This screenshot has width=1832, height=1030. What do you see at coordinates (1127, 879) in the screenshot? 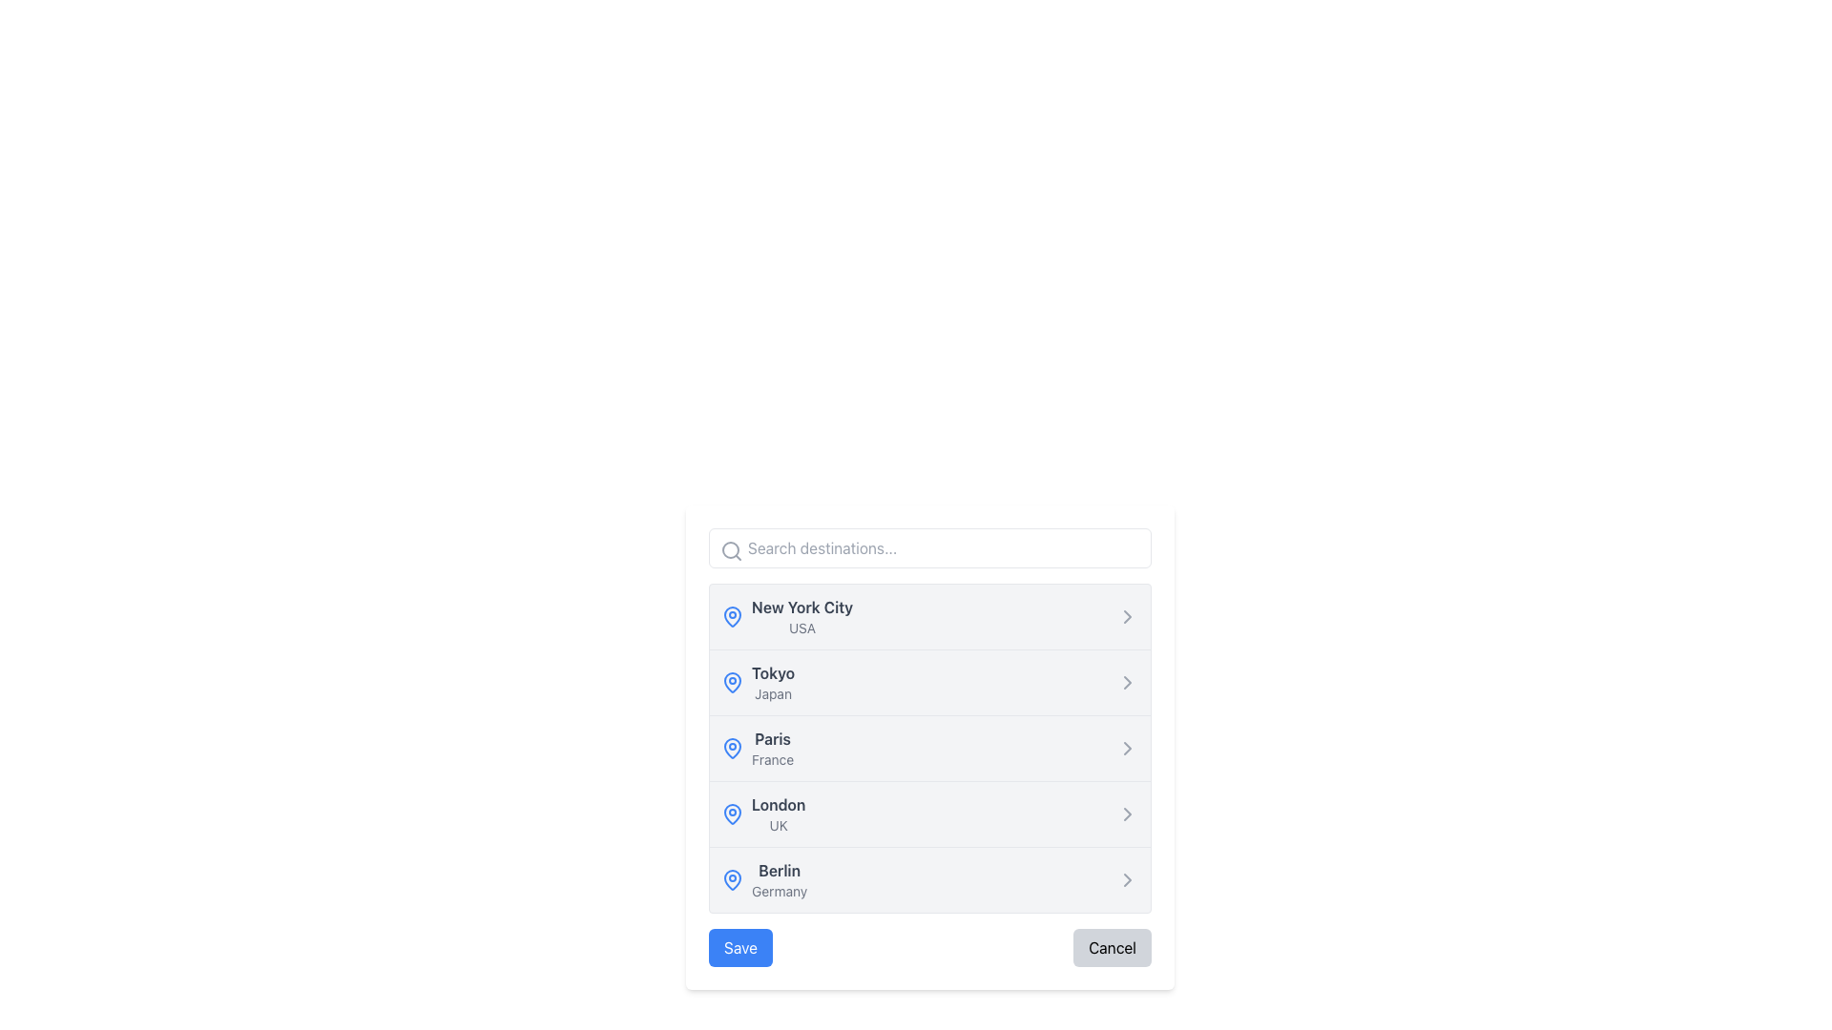
I see `the navigational icon located at the far-right edge of the fifth list item, 'Berlin, Germany'` at bounding box center [1127, 879].